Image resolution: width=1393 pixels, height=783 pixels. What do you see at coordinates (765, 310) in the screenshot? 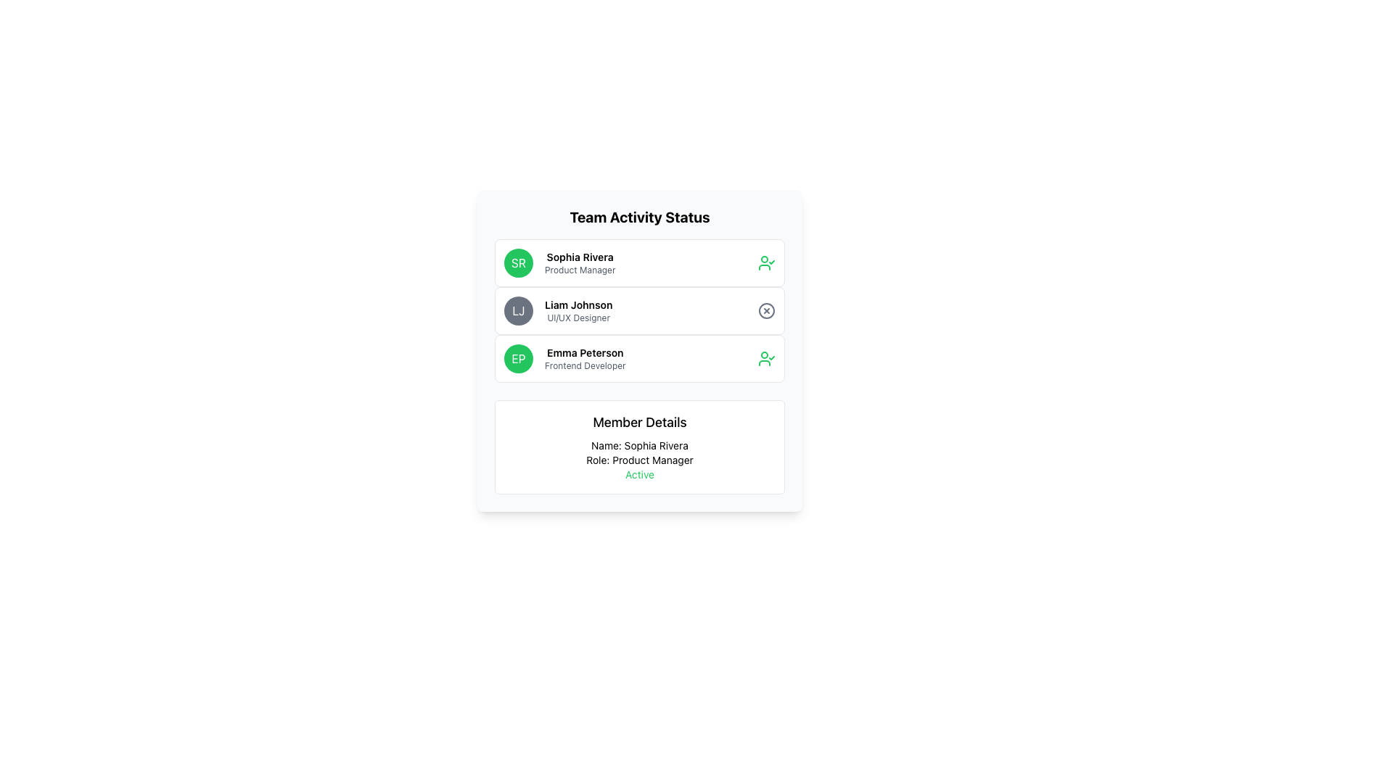
I see `the circular close symbol with a cross inside, located on the right side of the middle list item in the team activity status section next to 'Liam Johnson'` at bounding box center [765, 310].